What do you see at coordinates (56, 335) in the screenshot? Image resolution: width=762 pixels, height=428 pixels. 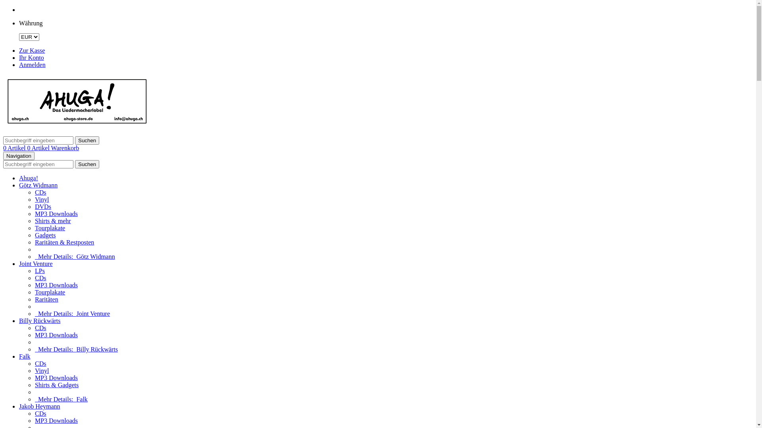 I see `'MP3 Downloads'` at bounding box center [56, 335].